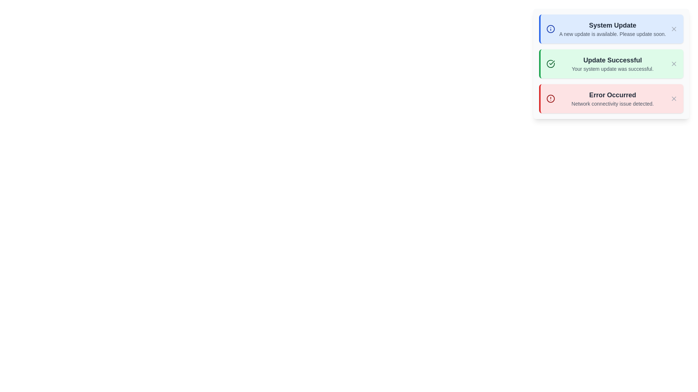 The width and height of the screenshot is (698, 392). What do you see at coordinates (673, 64) in the screenshot?
I see `close button of the notification with the title Update Successful` at bounding box center [673, 64].